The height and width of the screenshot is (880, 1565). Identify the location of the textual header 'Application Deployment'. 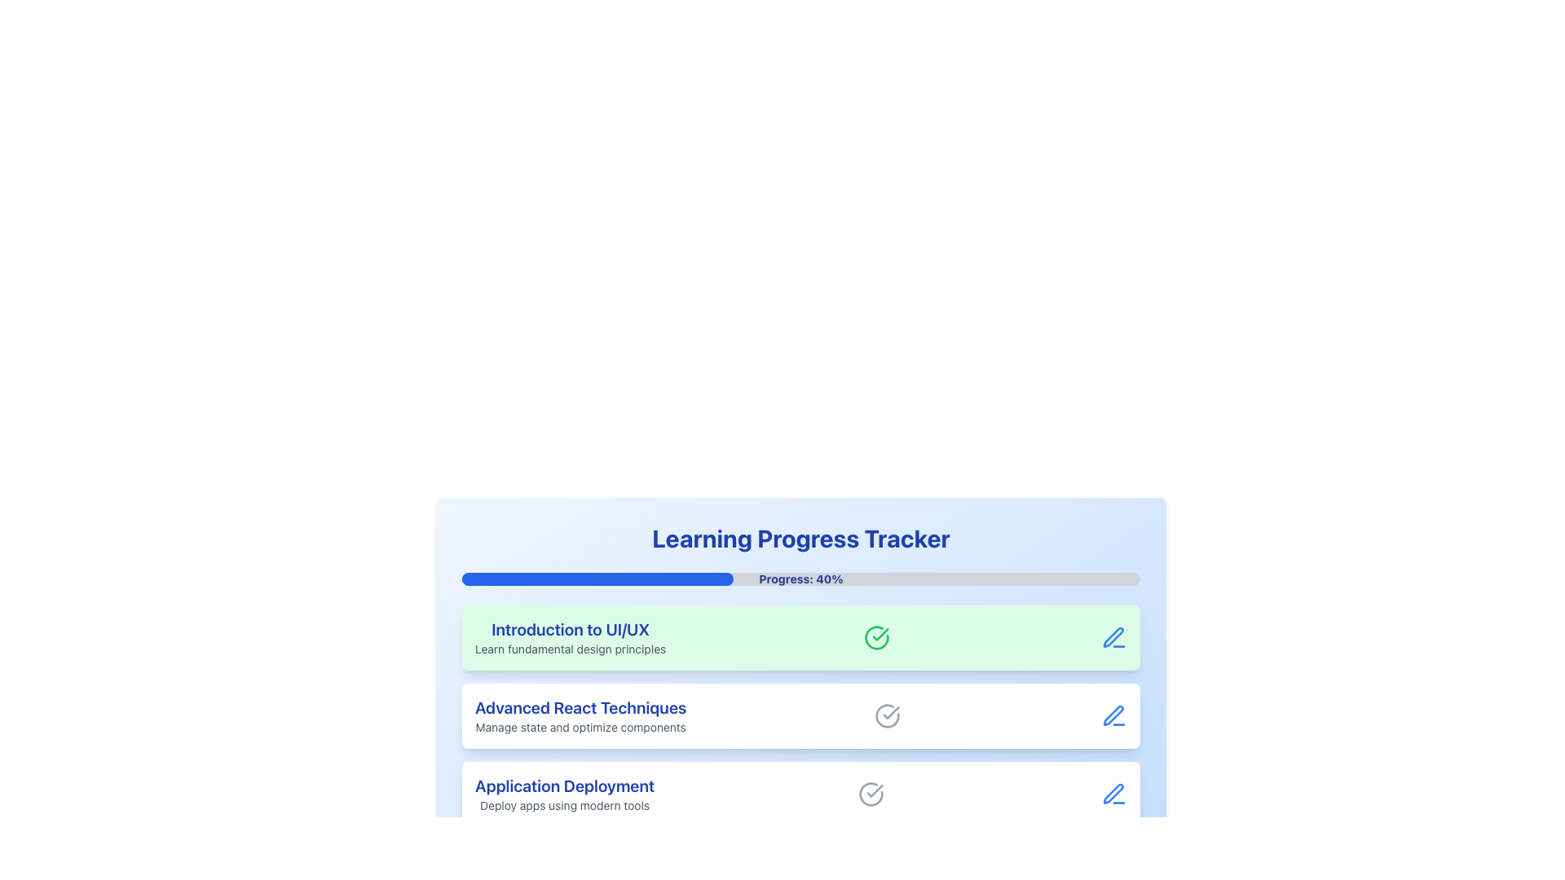
(565, 785).